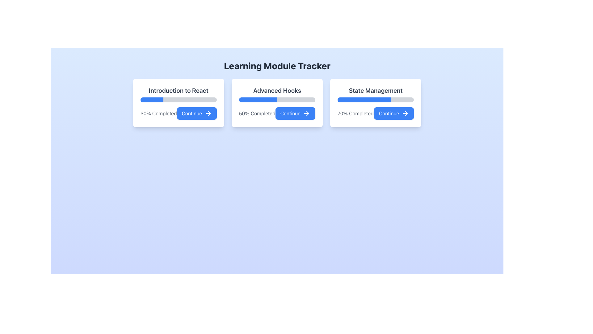 This screenshot has height=334, width=593. I want to click on the progress bar representing the completion percentage of the 'Introduction to React' module, which is currently at 30%, so click(178, 100).